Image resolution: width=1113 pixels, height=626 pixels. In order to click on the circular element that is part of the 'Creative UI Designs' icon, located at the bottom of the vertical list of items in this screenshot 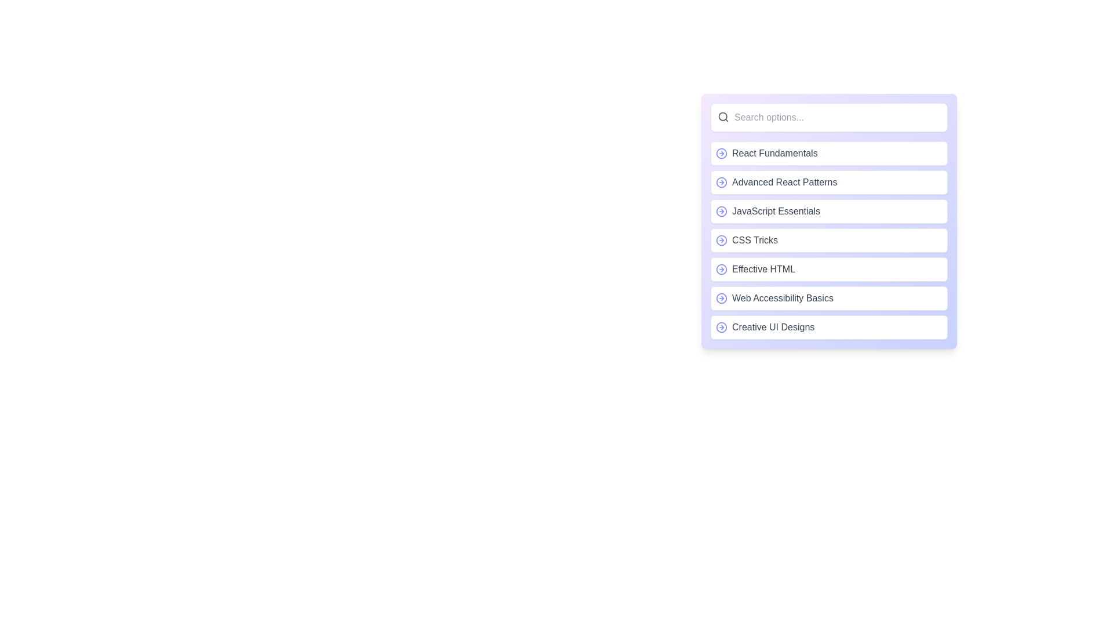, I will do `click(721, 327)`.